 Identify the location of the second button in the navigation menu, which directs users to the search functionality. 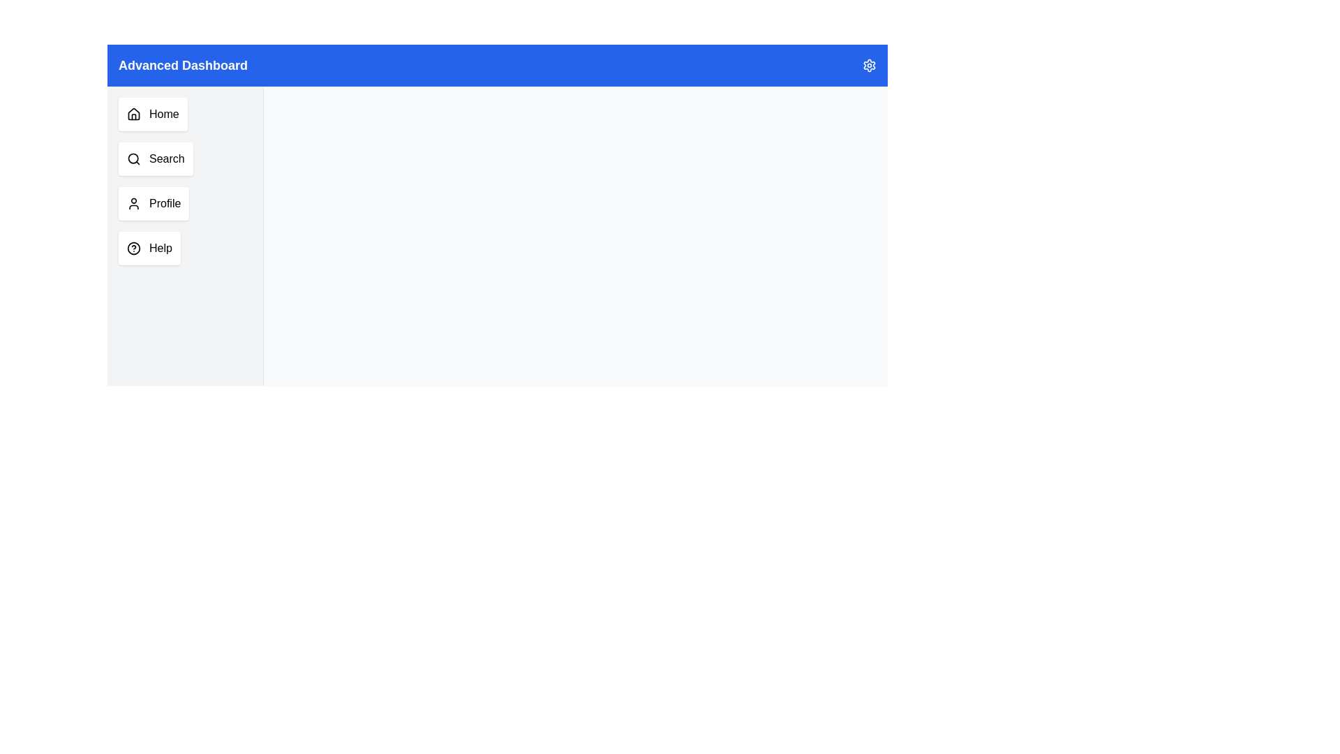
(184, 180).